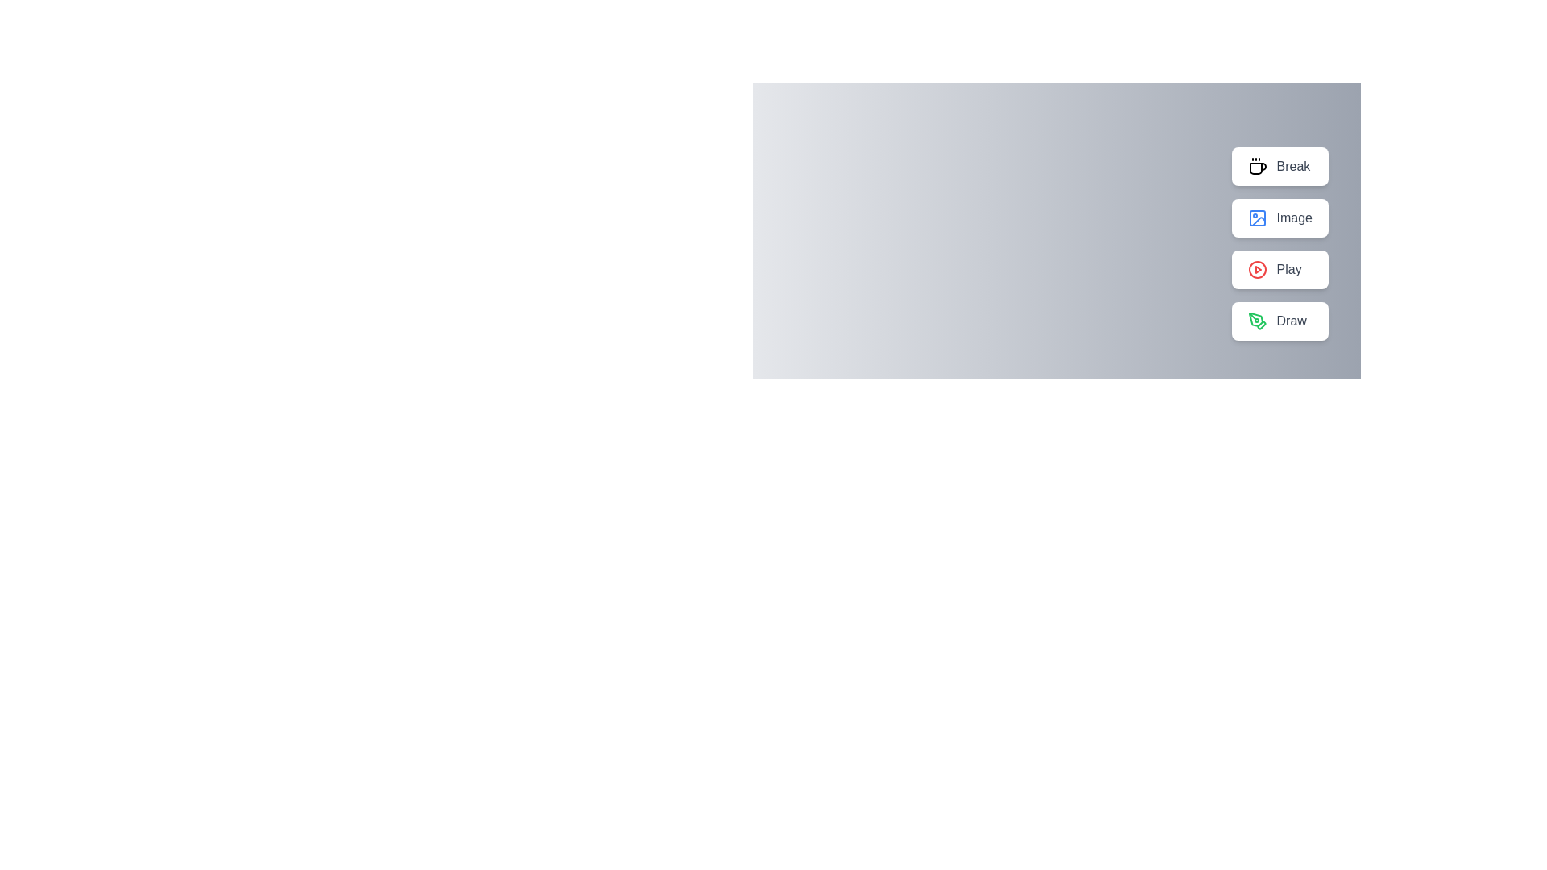  I want to click on the button labeled Play to inspect its icon and label, so click(1279, 269).